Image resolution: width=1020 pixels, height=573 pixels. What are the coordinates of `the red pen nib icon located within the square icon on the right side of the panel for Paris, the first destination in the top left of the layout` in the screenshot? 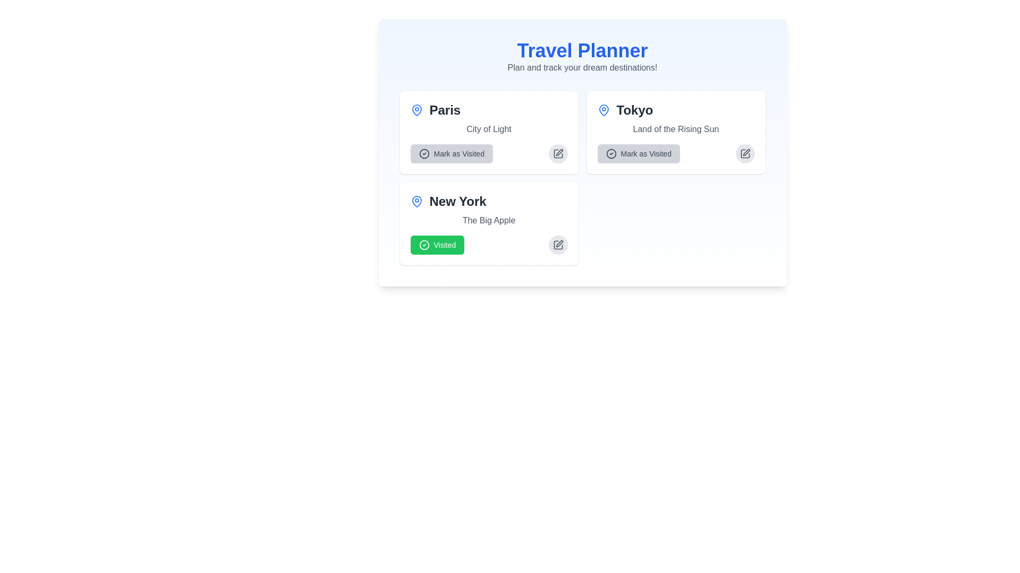 It's located at (558, 152).